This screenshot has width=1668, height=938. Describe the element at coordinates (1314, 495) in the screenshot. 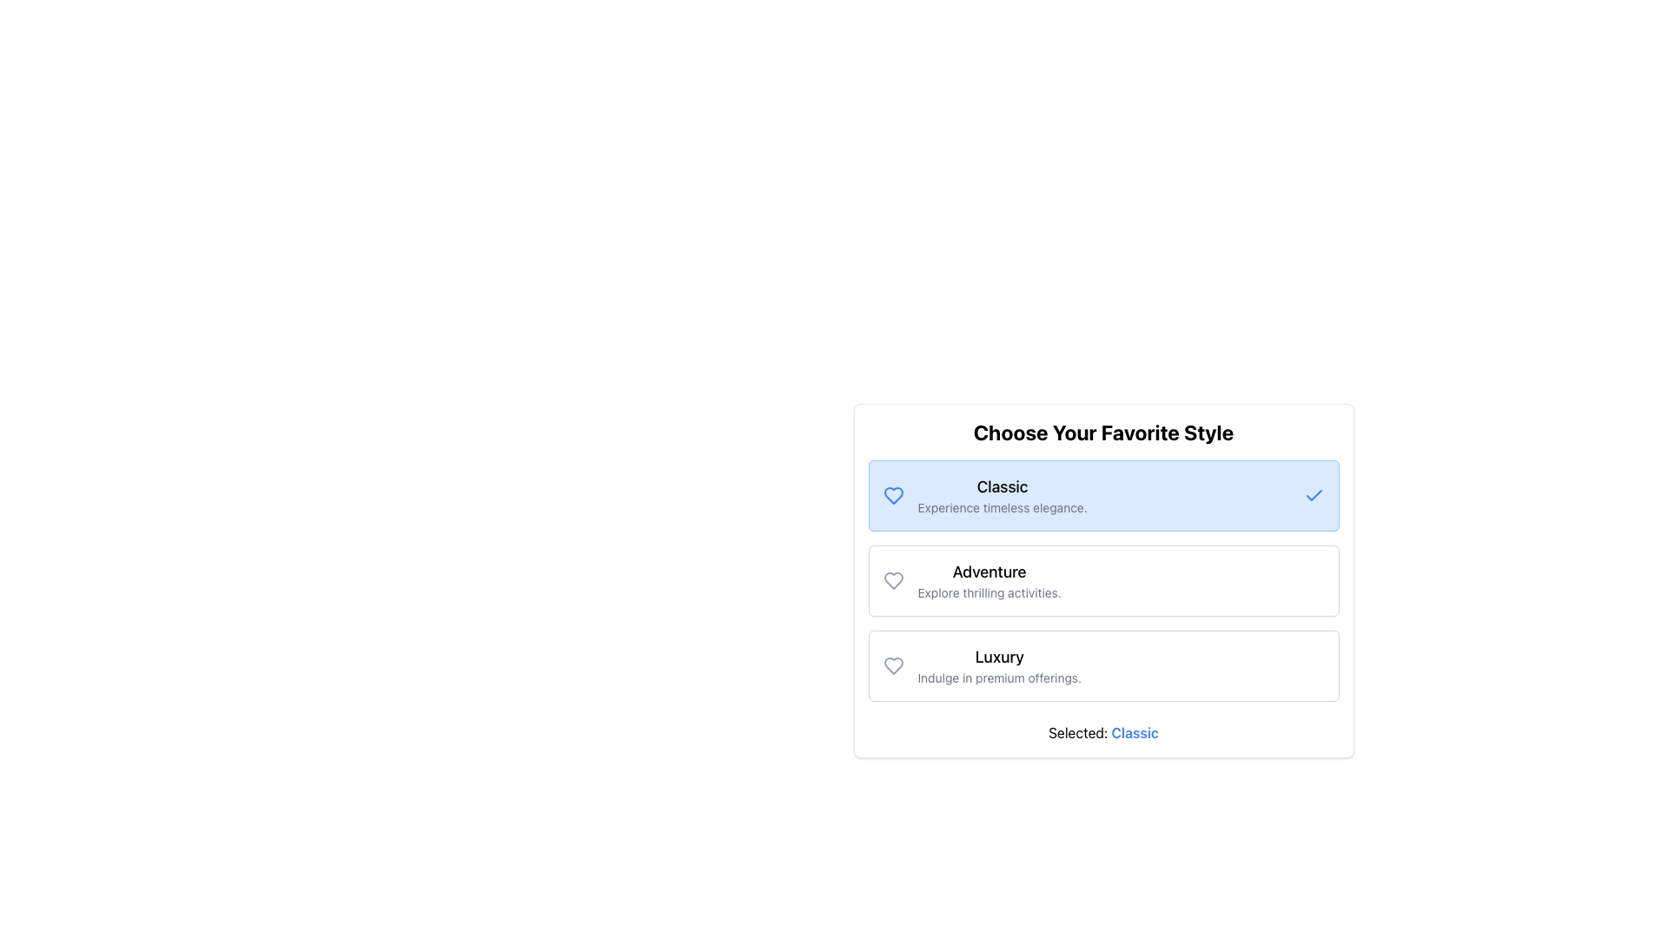

I see `the selection indicator icon located in the upper-right region of the 'Classic' card to confirm the selection status` at that location.